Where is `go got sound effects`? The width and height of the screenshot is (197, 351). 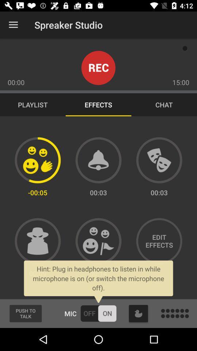
go got sound effects is located at coordinates (98, 160).